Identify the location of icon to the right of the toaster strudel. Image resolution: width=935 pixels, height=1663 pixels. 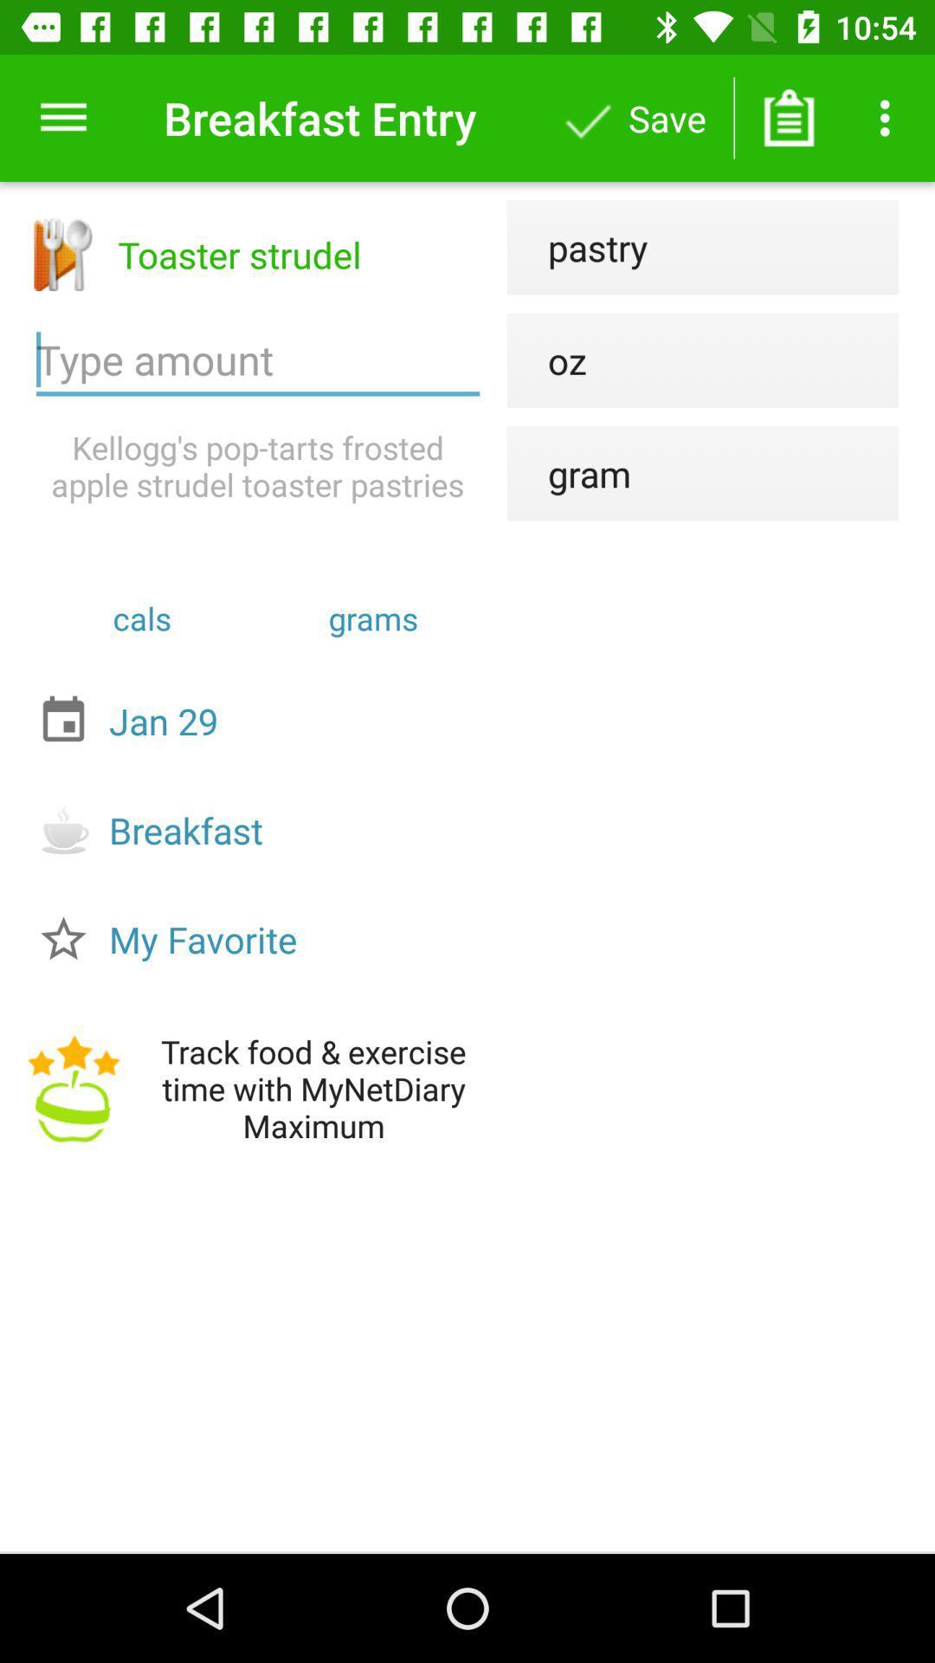
(577, 246).